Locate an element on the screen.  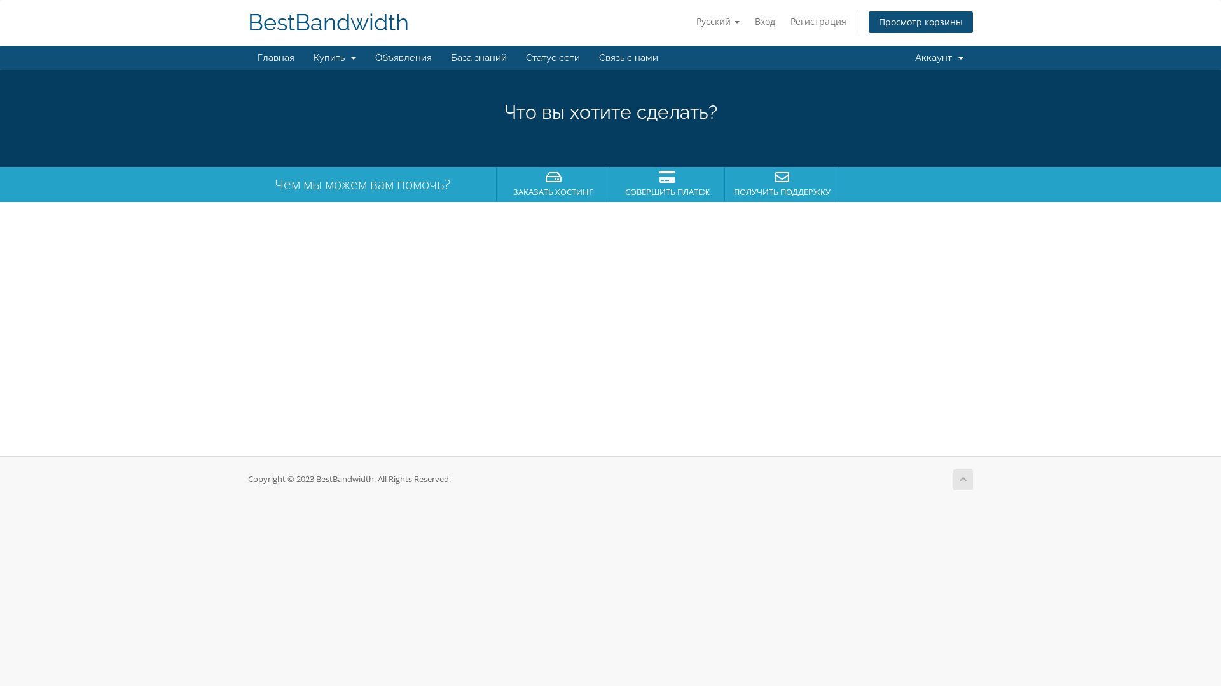
'BestBandwidth' is located at coordinates (328, 22).